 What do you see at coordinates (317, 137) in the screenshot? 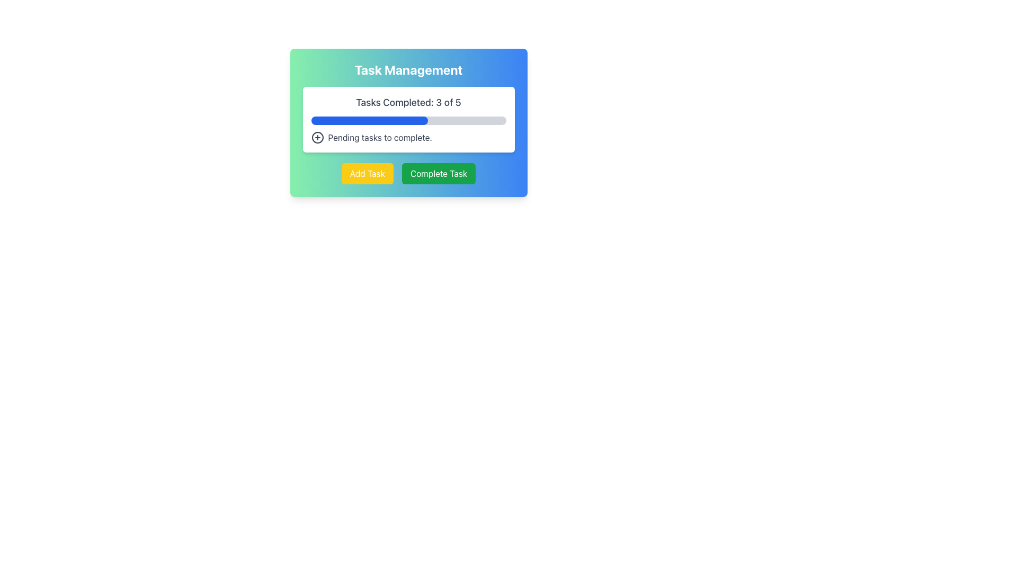
I see `the circular icon with a plus sign, which is located before the text 'Pending tasks to complete.'` at bounding box center [317, 137].